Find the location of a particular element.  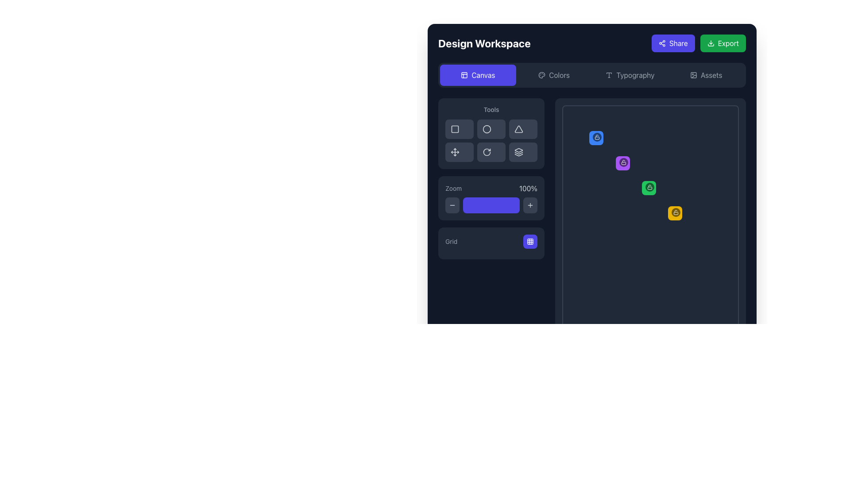

the 'Colors' button, which has a palette icon on its left and text reading 'Colors' is located at coordinates (553, 74).